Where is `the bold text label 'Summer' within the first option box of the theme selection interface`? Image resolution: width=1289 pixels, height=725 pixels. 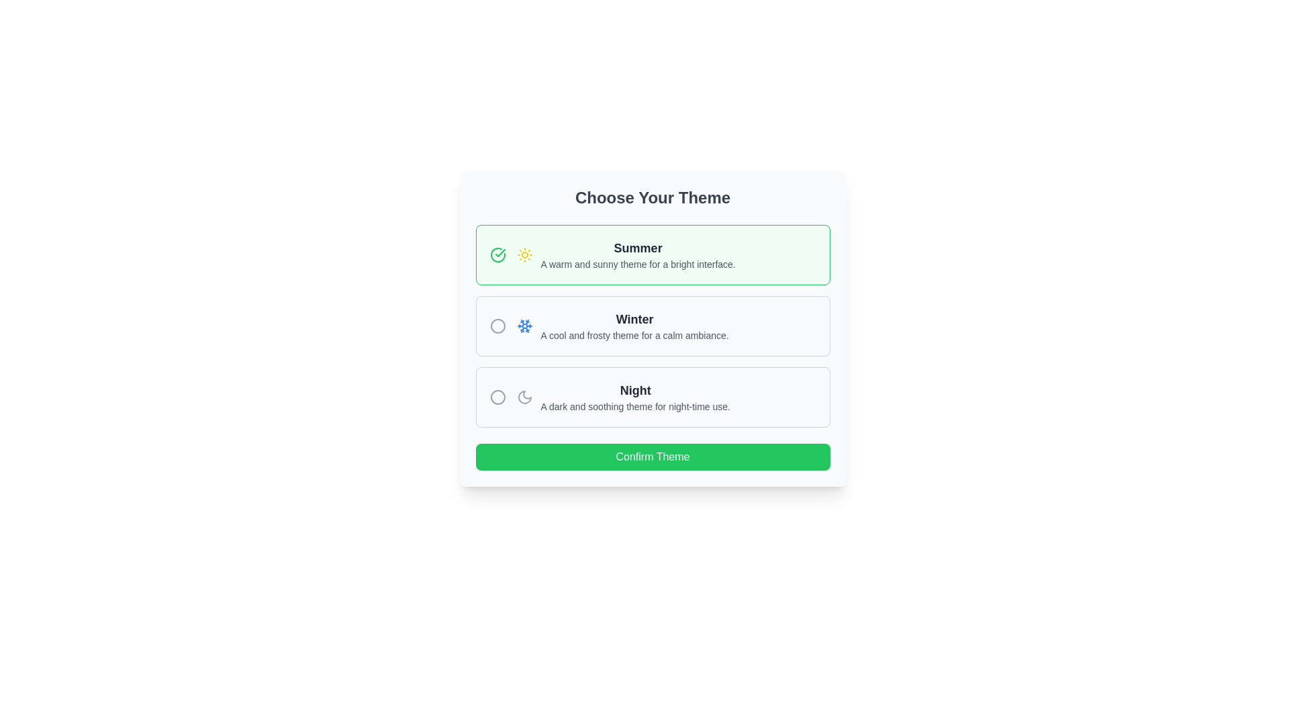 the bold text label 'Summer' within the first option box of the theme selection interface is located at coordinates (637, 248).